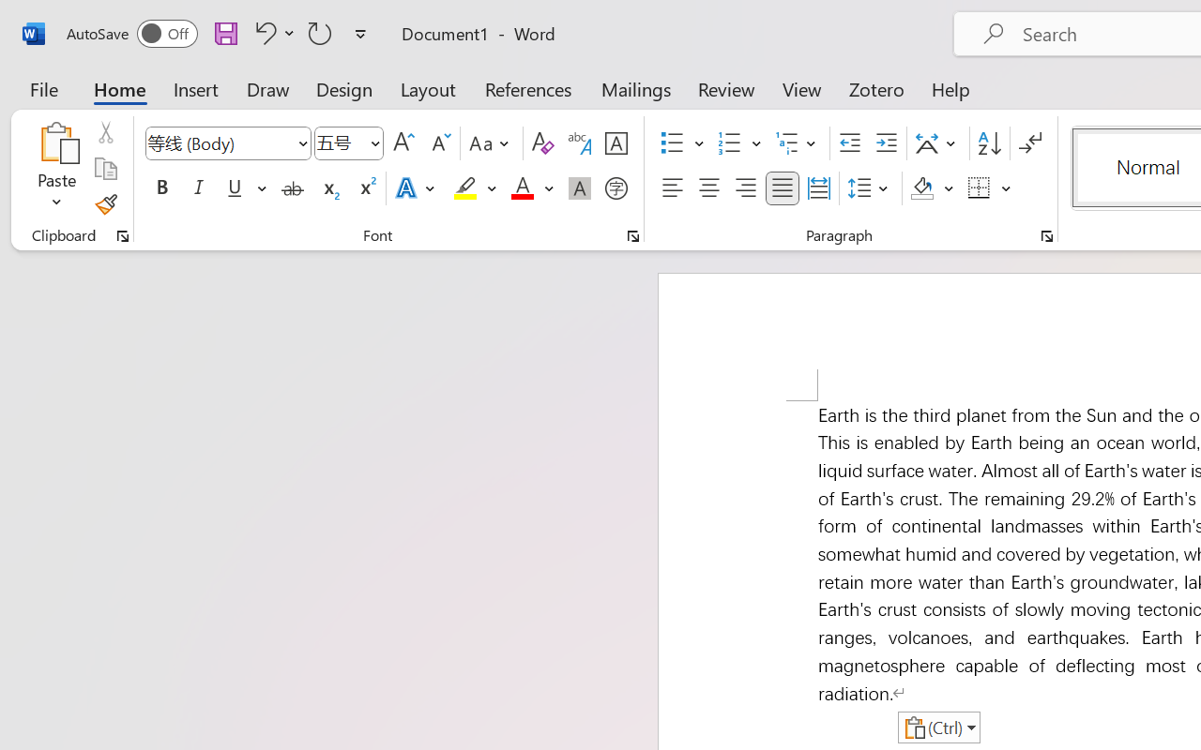 Image resolution: width=1201 pixels, height=750 pixels. Describe the element at coordinates (922, 188) in the screenshot. I see `'Shading RGB(0, 0, 0)'` at that location.